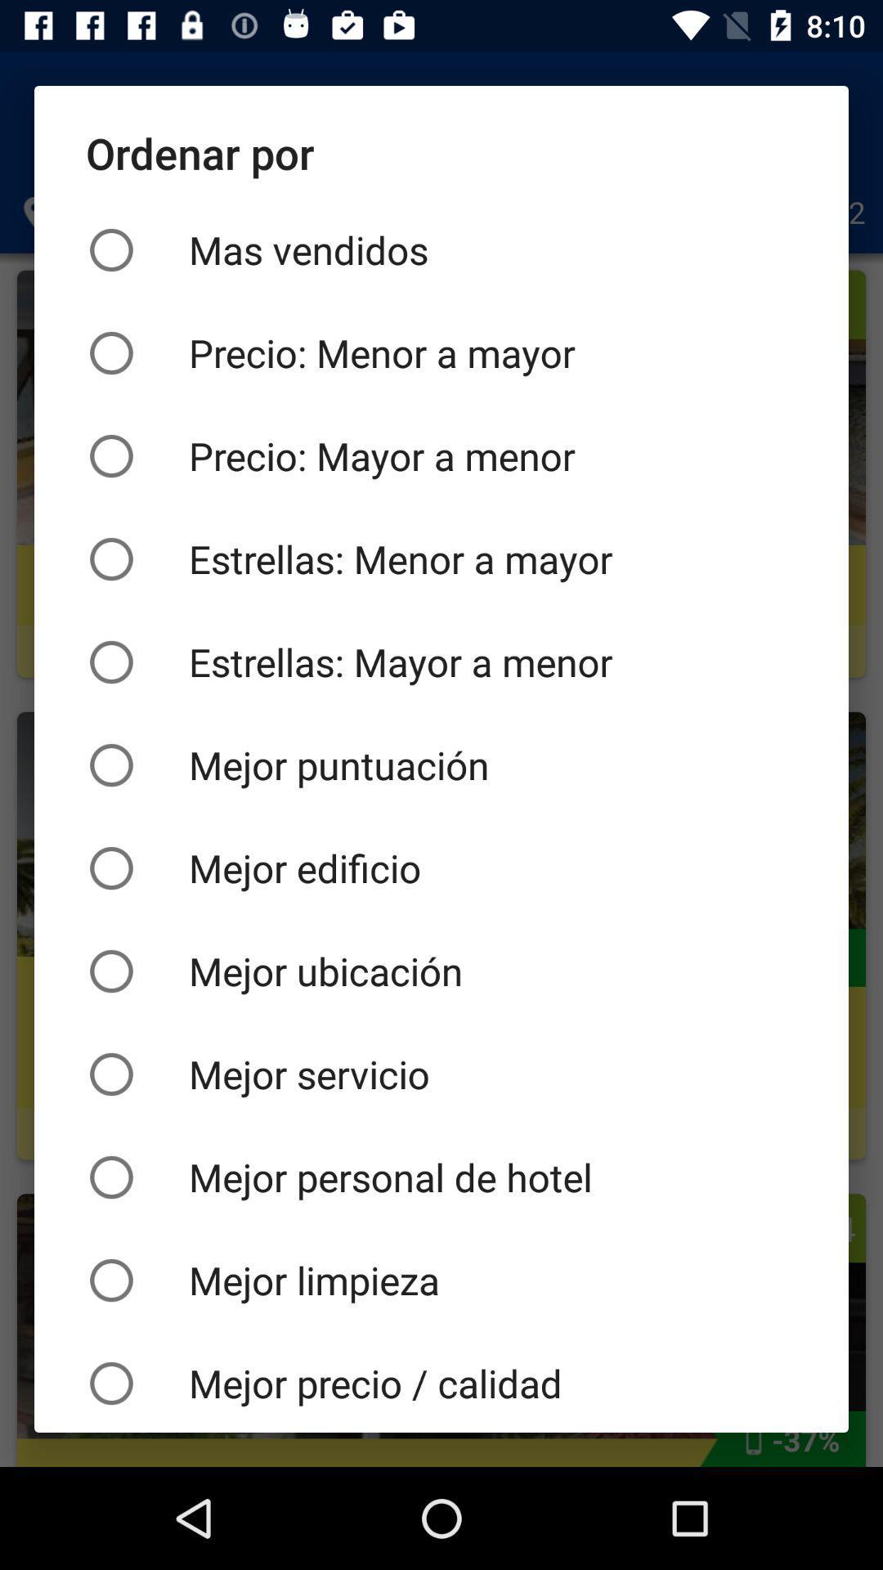  Describe the element at coordinates (441, 867) in the screenshot. I see `the mejor edificio icon` at that location.